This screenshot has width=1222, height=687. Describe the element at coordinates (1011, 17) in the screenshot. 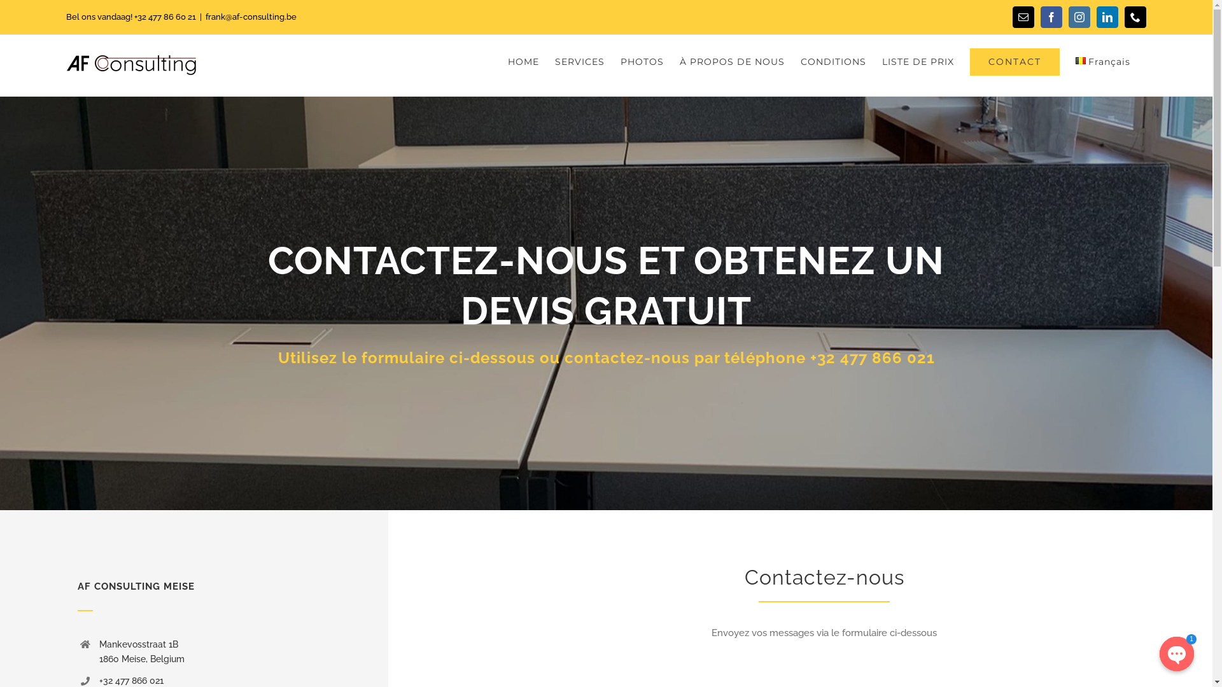

I see `'Email'` at that location.